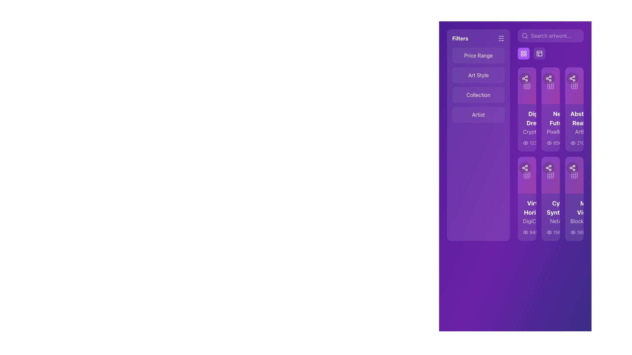  What do you see at coordinates (527, 212) in the screenshot?
I see `the text block located in the bottom-left card of the grid layout, which displays the title and subtitle of an item` at bounding box center [527, 212].